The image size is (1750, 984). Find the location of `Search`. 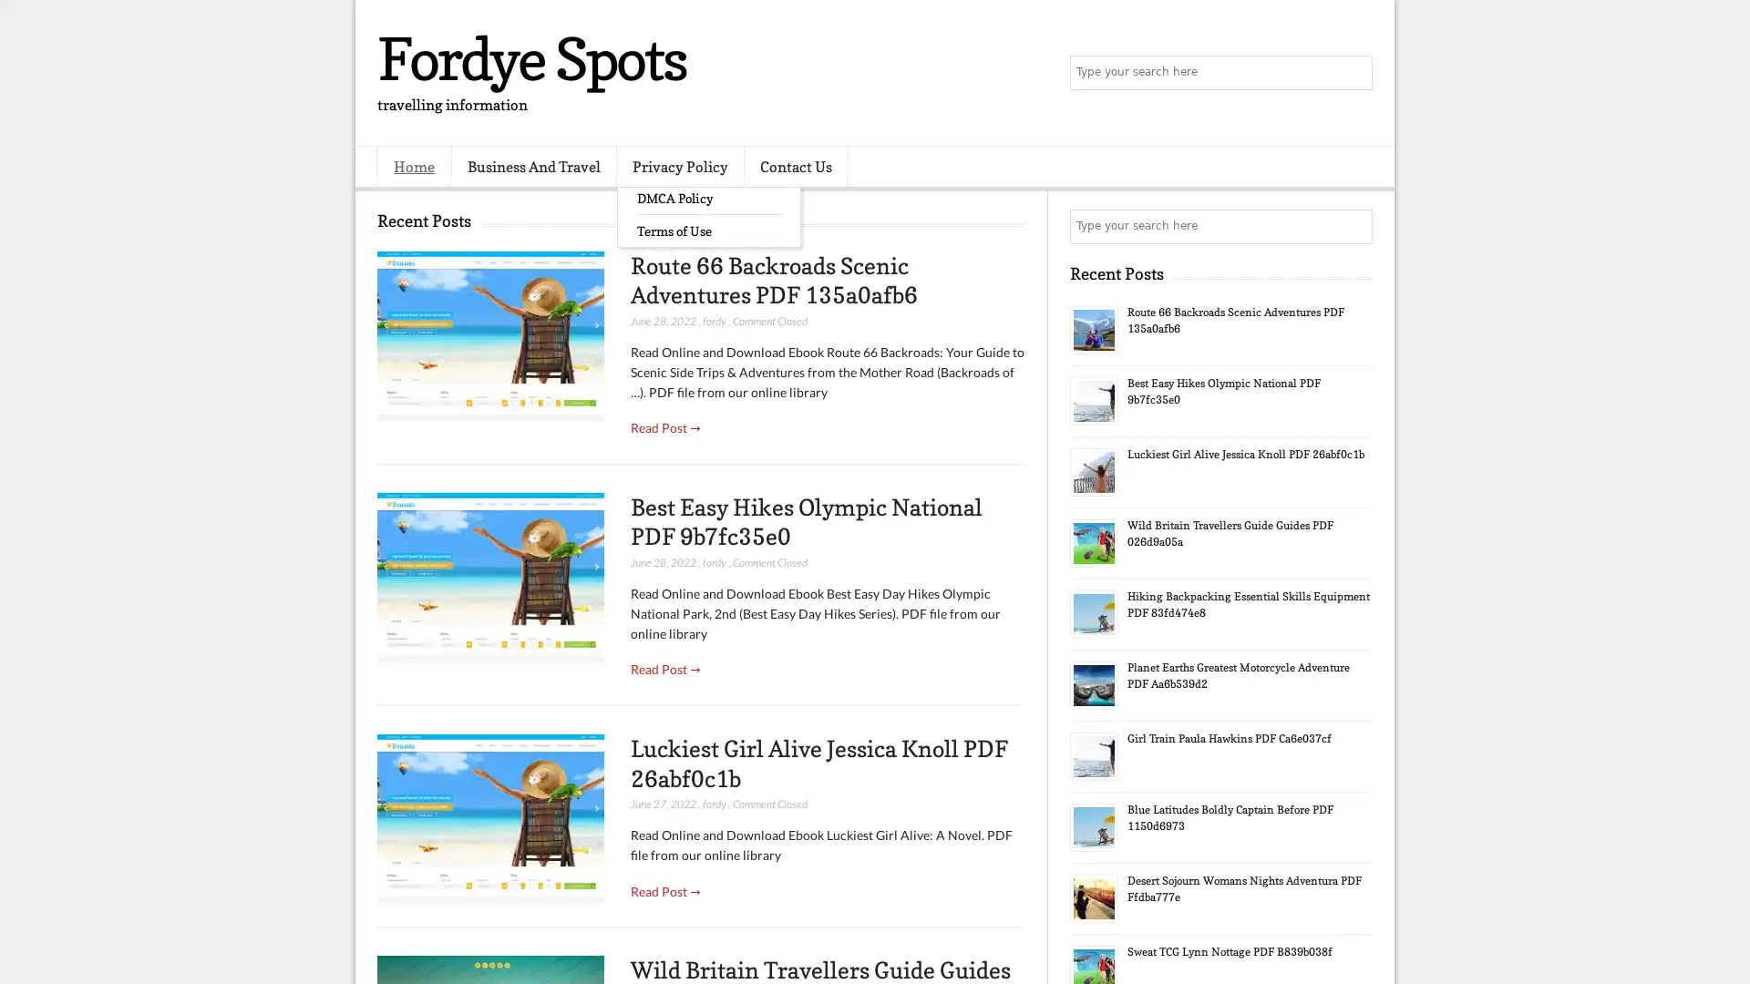

Search is located at coordinates (1354, 73).